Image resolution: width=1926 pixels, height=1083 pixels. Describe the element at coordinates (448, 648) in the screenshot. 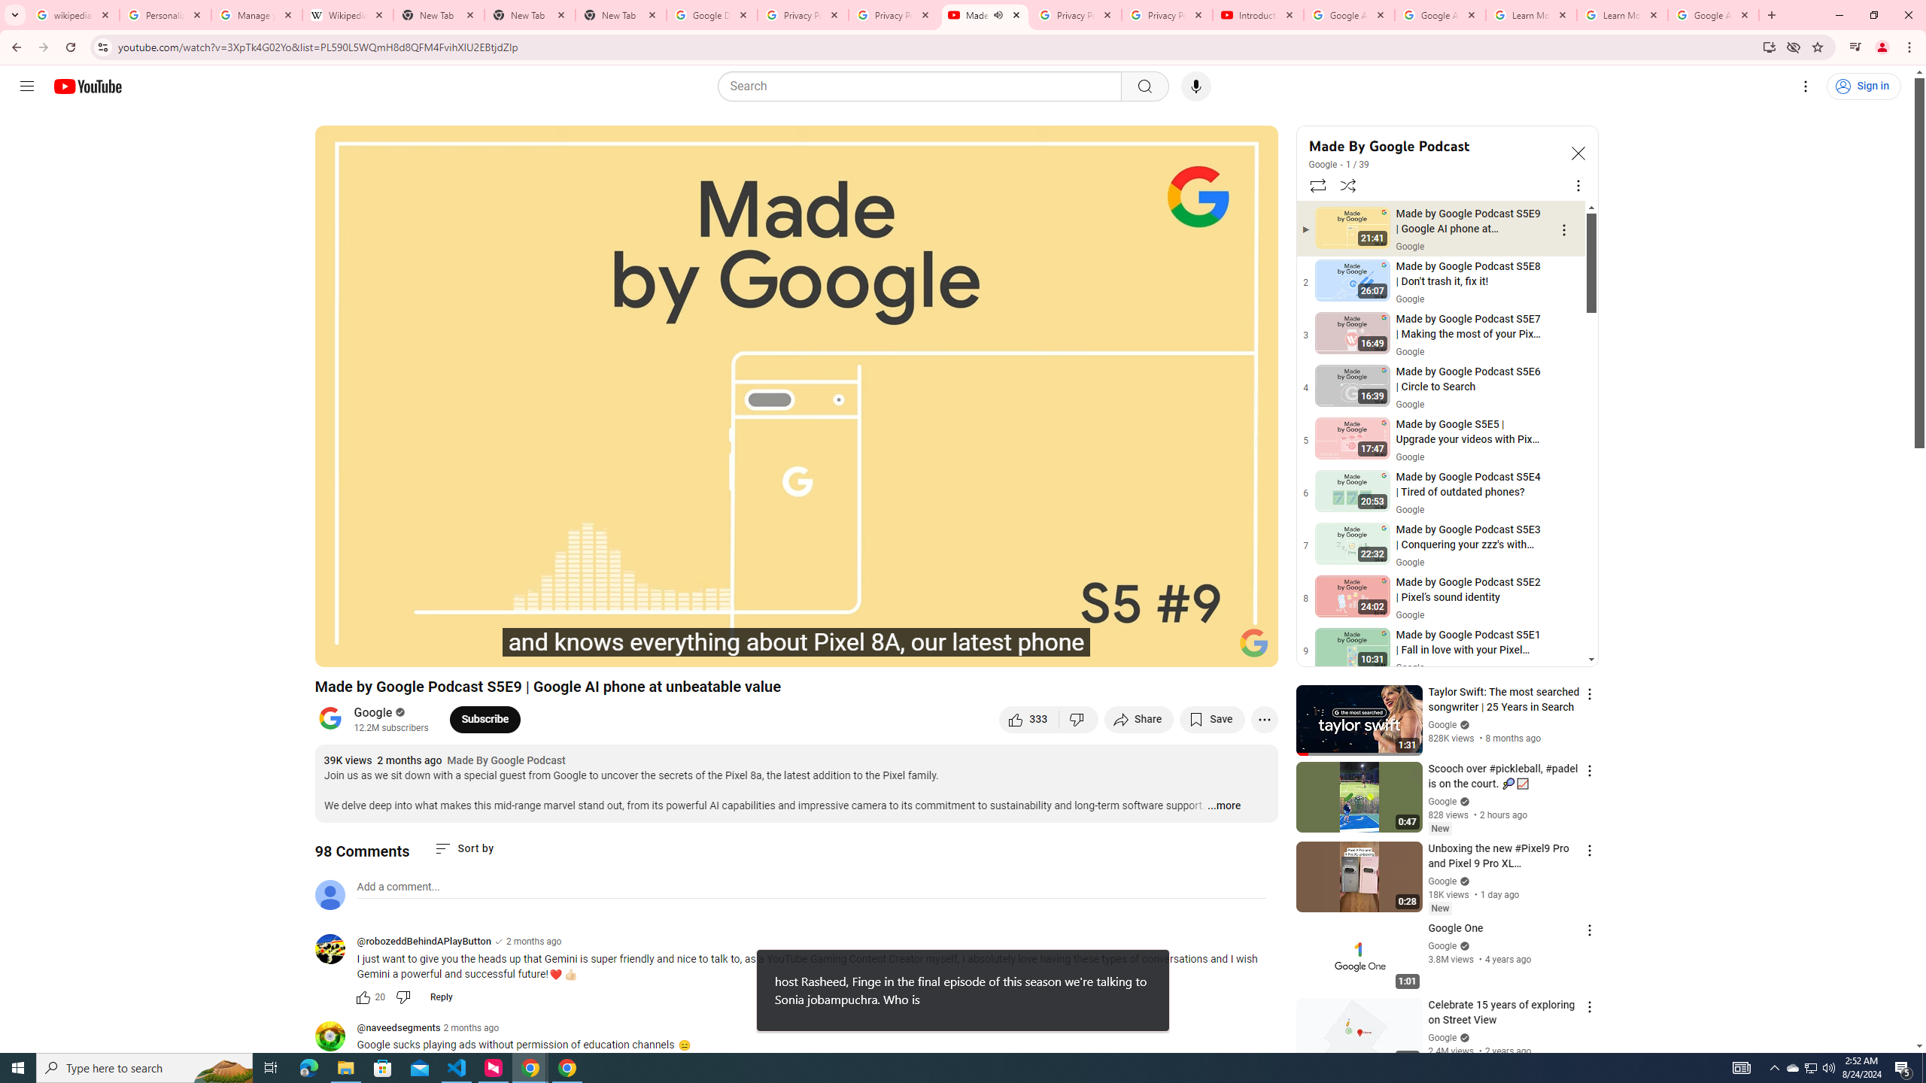

I see `'Mute (m)'` at that location.